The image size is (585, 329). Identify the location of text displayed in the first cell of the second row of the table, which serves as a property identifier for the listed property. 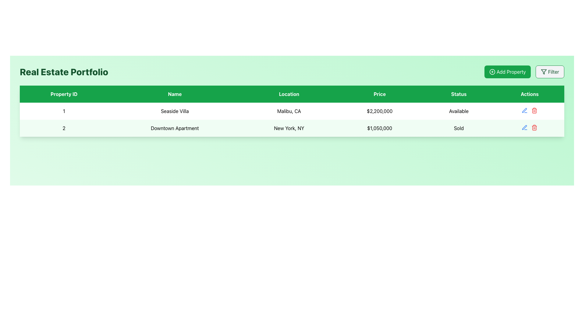
(64, 128).